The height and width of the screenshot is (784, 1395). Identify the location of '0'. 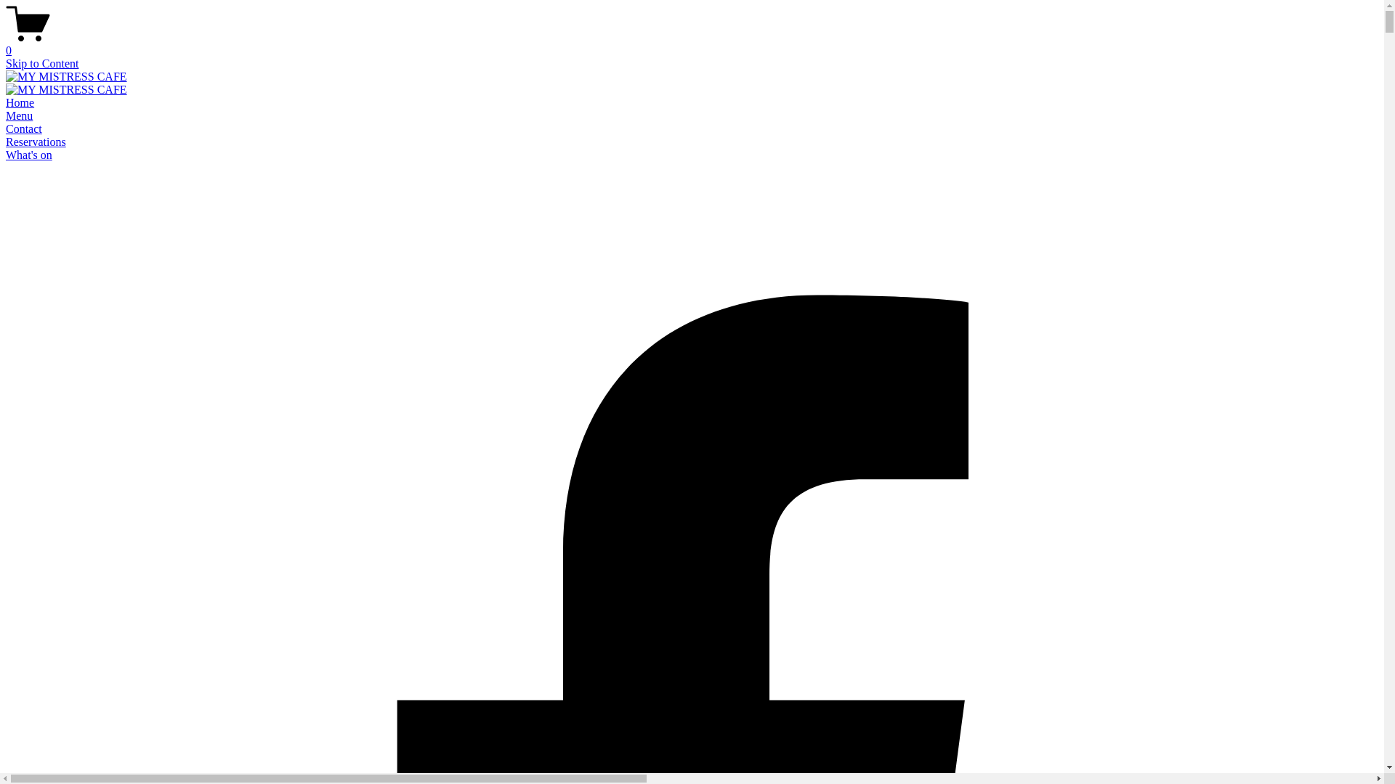
(691, 44).